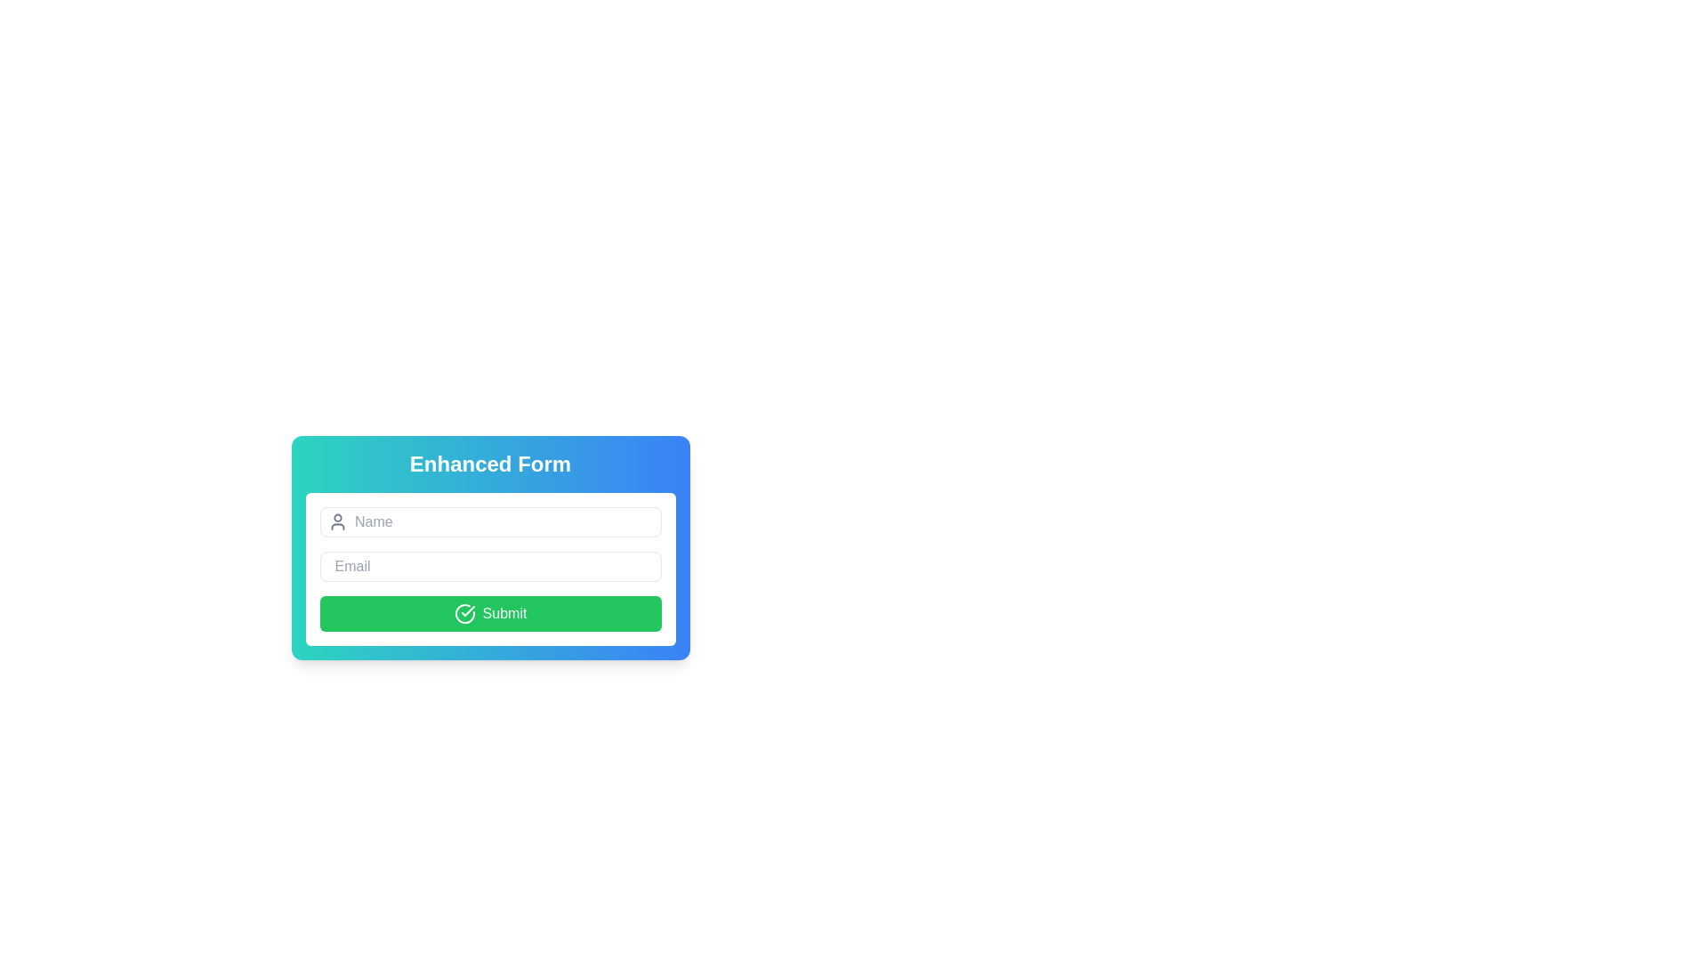 Image resolution: width=1708 pixels, height=961 pixels. I want to click on the confirmation check mark icon on the green circular button located at the bottom of the form layout, so click(468, 610).